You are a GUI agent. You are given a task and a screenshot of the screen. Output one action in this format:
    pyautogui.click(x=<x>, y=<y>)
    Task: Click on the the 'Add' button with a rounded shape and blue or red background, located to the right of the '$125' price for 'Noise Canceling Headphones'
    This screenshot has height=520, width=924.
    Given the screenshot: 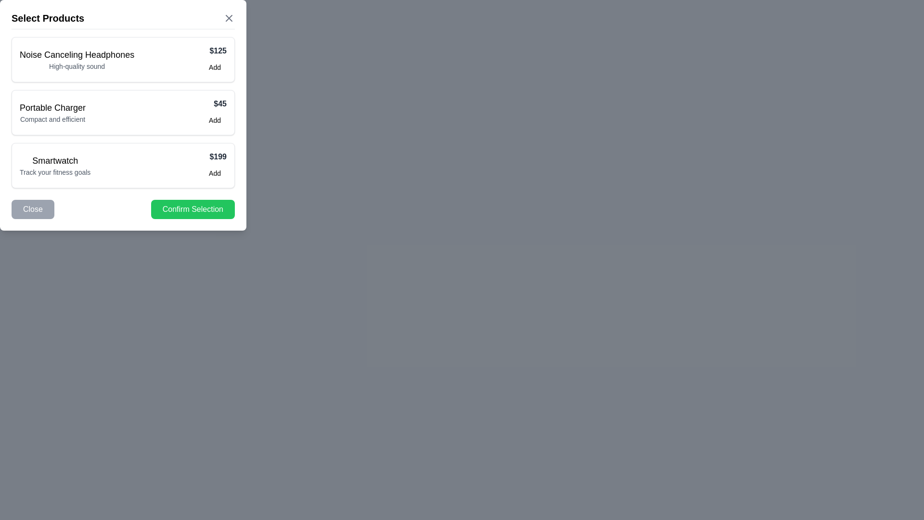 What is the action you would take?
    pyautogui.click(x=214, y=66)
    